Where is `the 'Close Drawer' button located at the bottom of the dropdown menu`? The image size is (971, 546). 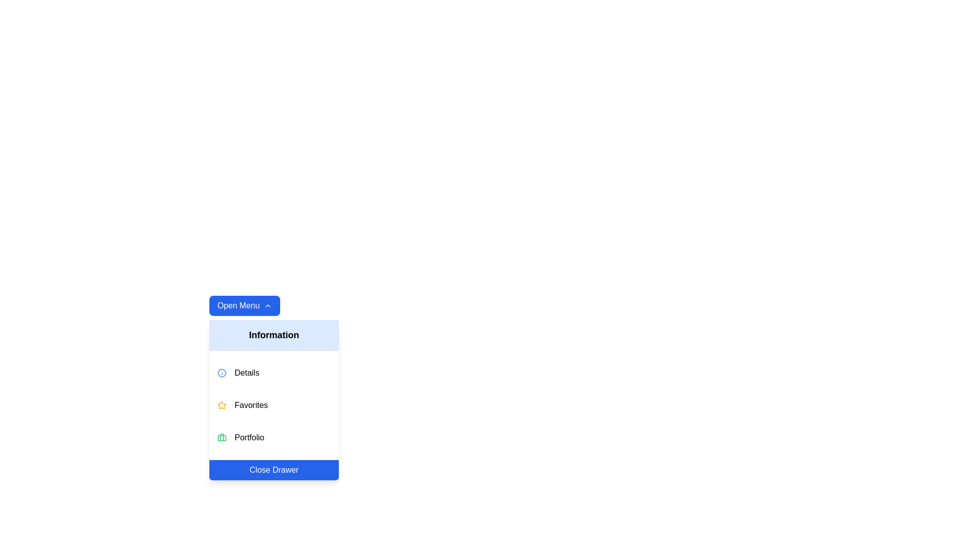
the 'Close Drawer' button located at the bottom of the dropdown menu is located at coordinates (274, 470).